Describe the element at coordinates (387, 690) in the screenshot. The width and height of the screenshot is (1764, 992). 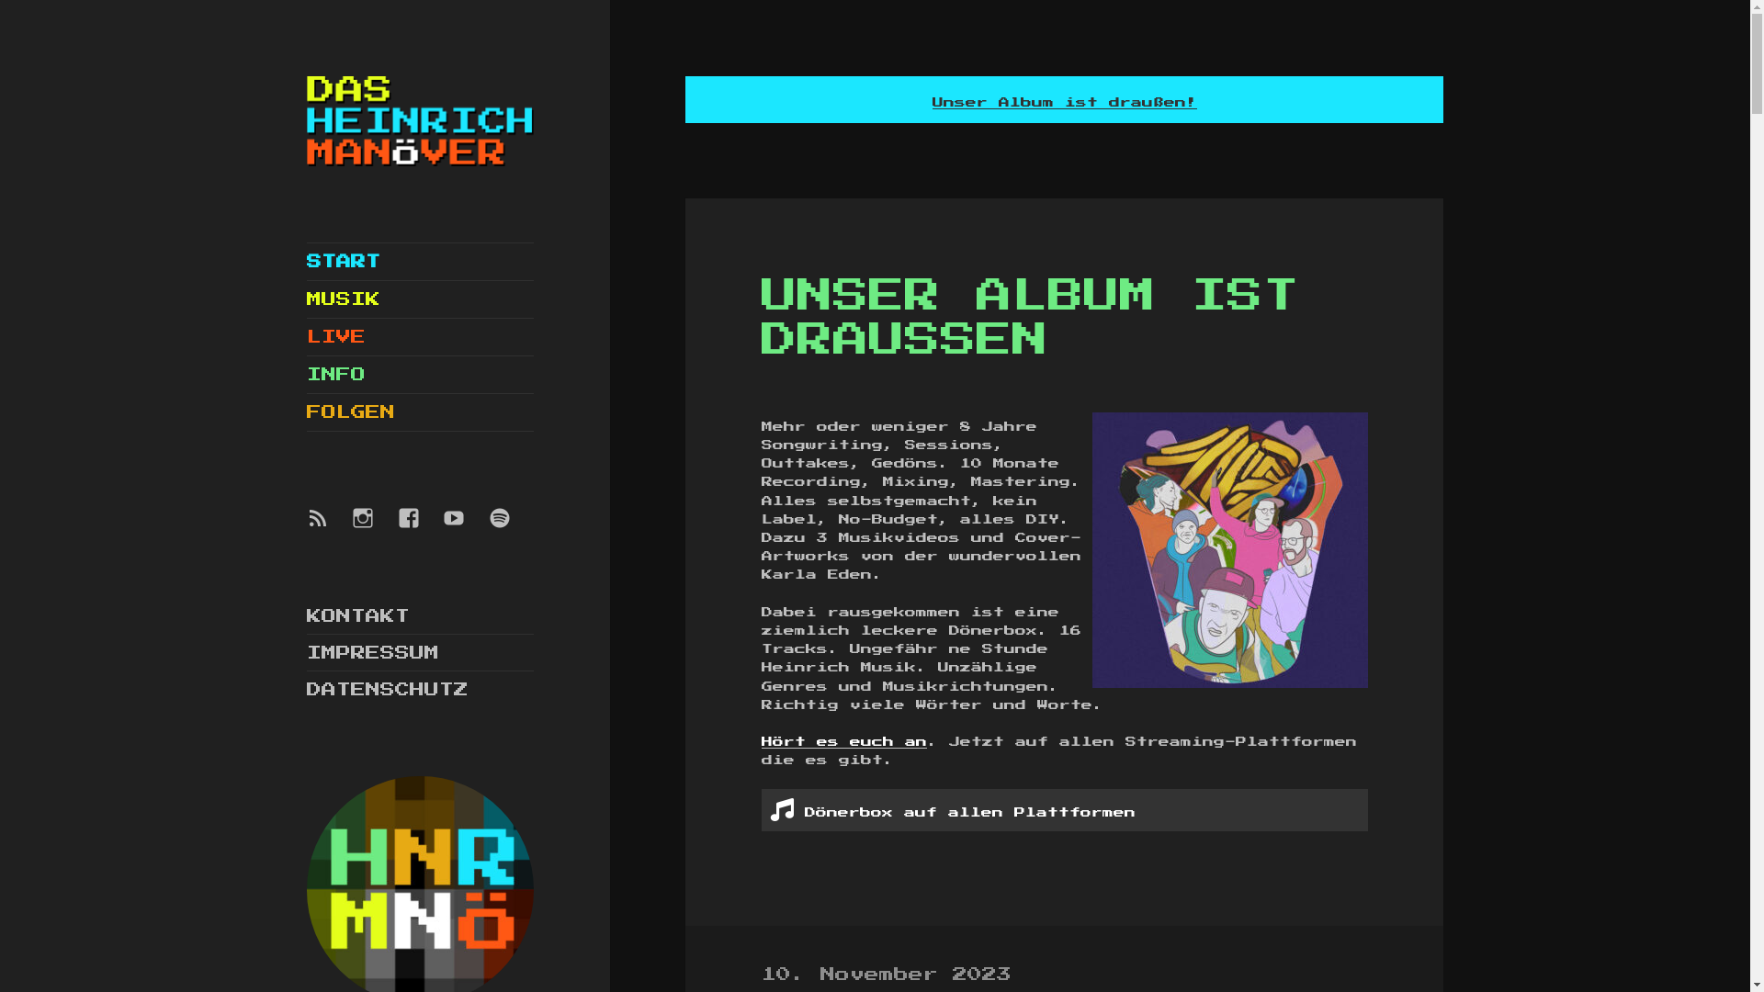
I see `'DATENSCHUTZ'` at that location.